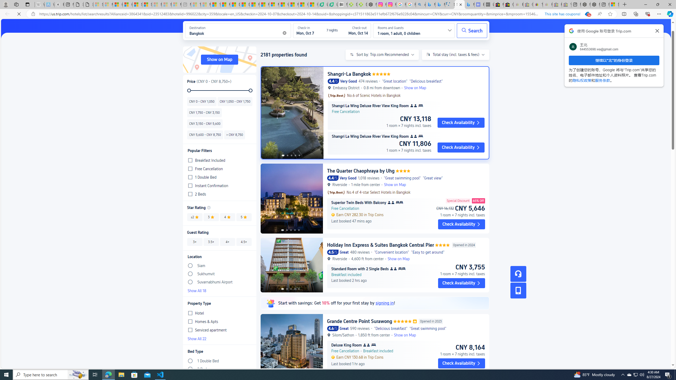 The width and height of the screenshot is (676, 380). What do you see at coordinates (264, 4) in the screenshot?
I see `'Foo BAR | Trusted Community Engagement and Contributions'` at bounding box center [264, 4].